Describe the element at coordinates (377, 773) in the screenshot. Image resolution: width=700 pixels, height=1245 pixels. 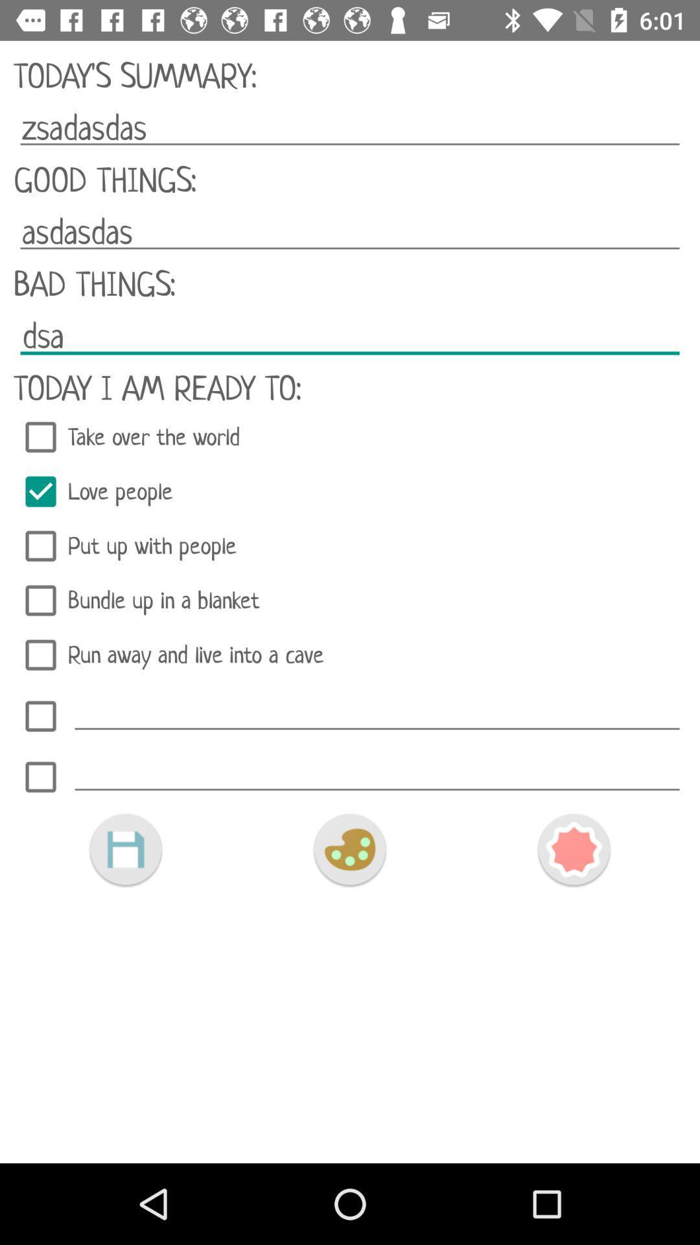
I see `text` at that location.